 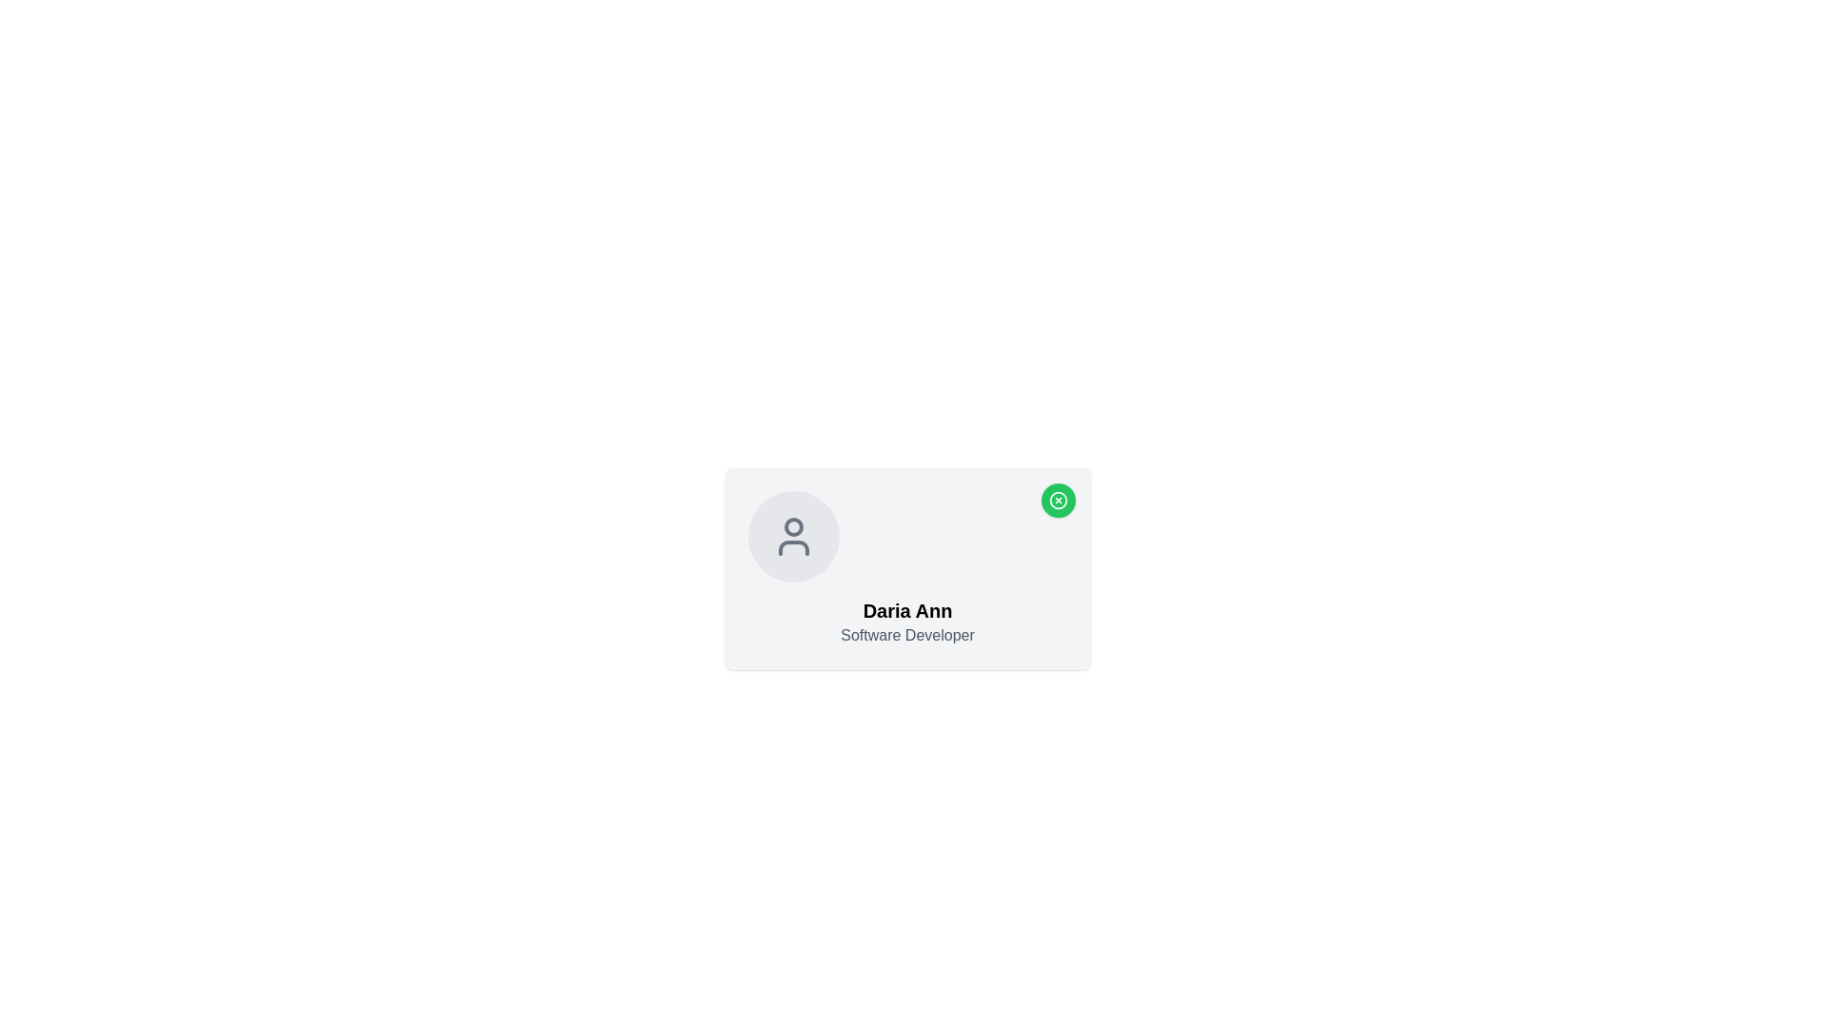 What do you see at coordinates (793, 536) in the screenshot?
I see `the Iconic User Placeholder representing a user profile in the top-left region of the card containing 'Daria Ann' and 'Software Developer'` at bounding box center [793, 536].